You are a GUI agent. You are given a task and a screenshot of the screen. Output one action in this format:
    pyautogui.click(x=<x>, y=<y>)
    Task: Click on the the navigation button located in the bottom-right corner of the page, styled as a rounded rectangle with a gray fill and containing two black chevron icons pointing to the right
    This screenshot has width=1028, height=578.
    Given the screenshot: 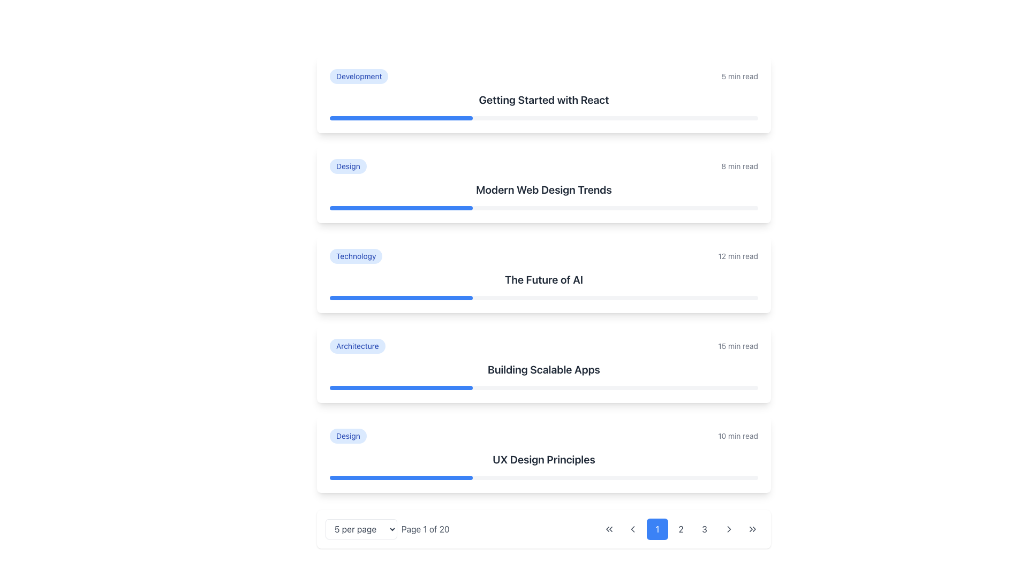 What is the action you would take?
    pyautogui.click(x=752, y=528)
    